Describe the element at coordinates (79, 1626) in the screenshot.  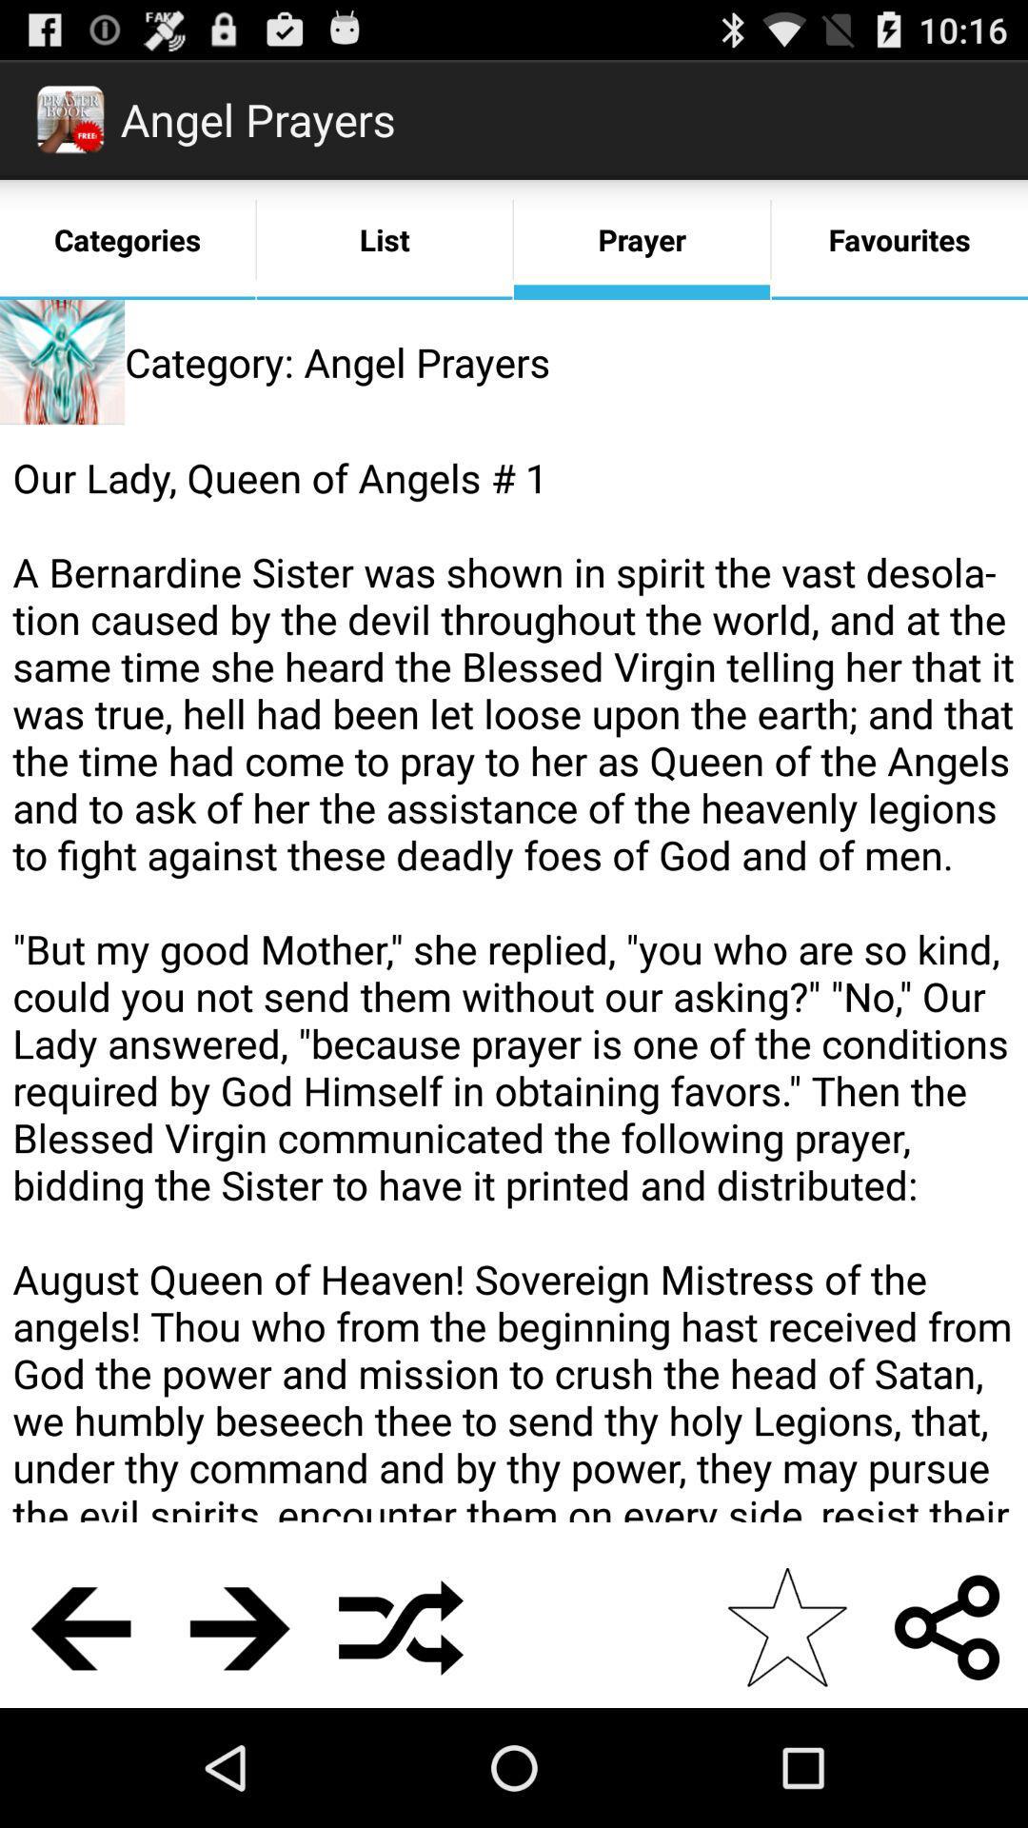
I see `previous` at that location.